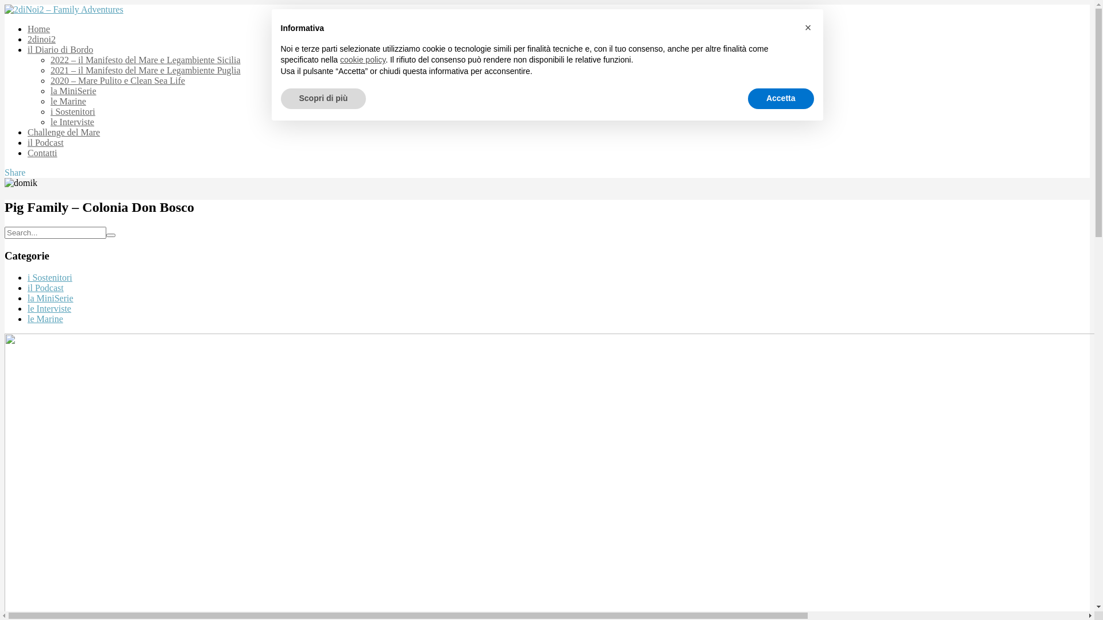 The height and width of the screenshot is (620, 1103). Describe the element at coordinates (781, 98) in the screenshot. I see `'Accetta'` at that location.